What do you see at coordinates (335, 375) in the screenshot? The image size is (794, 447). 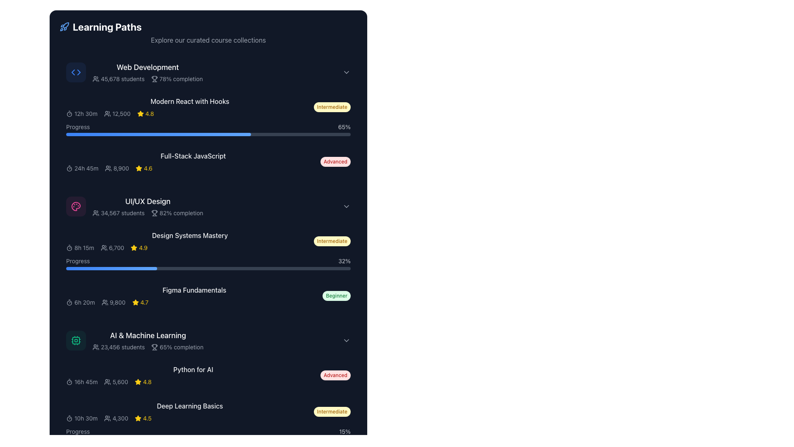 I see `the pill-shaped label with the text 'Advanced' in a small font, located at the far-right end of the 'Python for AI' course item row` at bounding box center [335, 375].